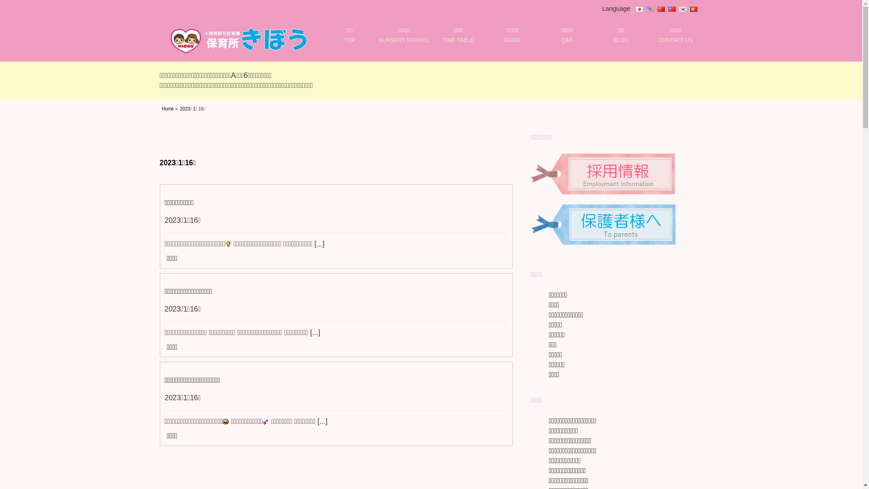  I want to click on 'Home', so click(162, 108).